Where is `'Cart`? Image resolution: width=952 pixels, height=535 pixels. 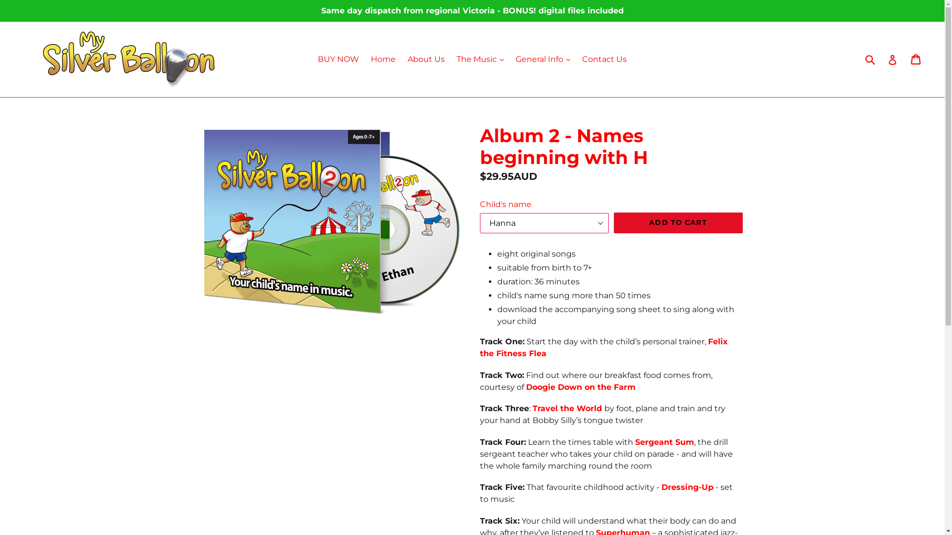 'Cart is located at coordinates (916, 59).